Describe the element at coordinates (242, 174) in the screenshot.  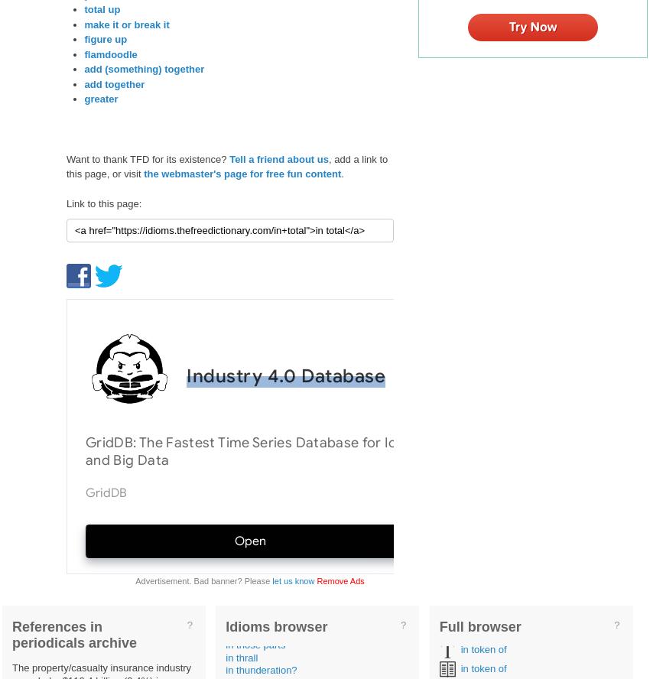
I see `'the webmaster's page for free fun content'` at that location.